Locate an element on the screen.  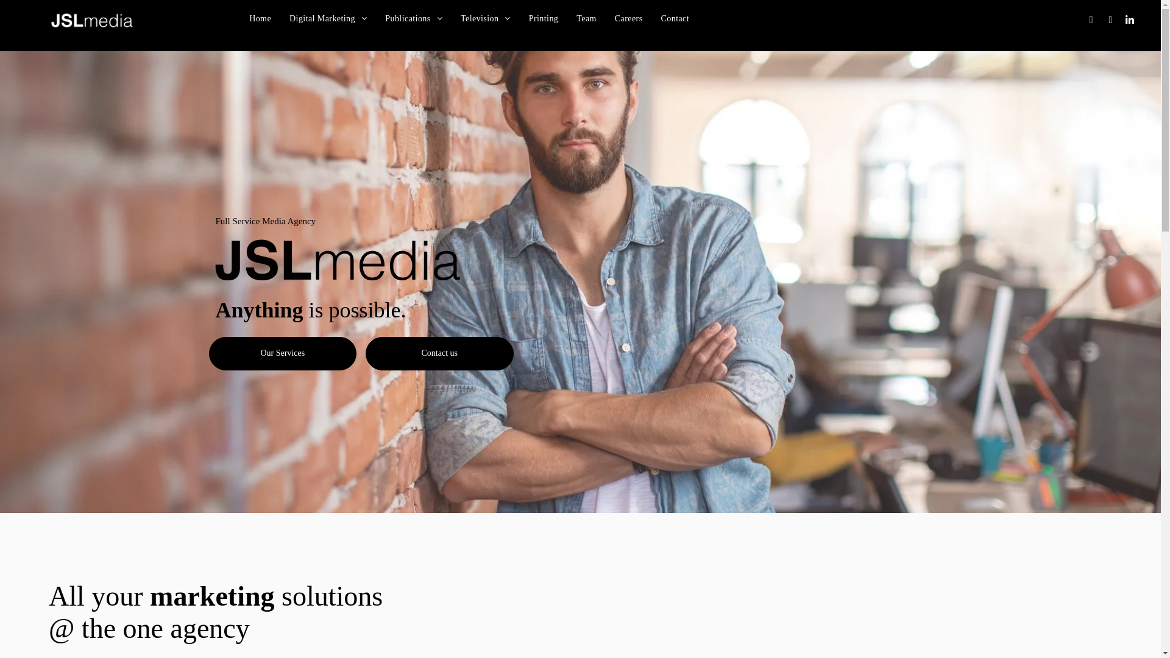
'Publications' is located at coordinates (413, 18).